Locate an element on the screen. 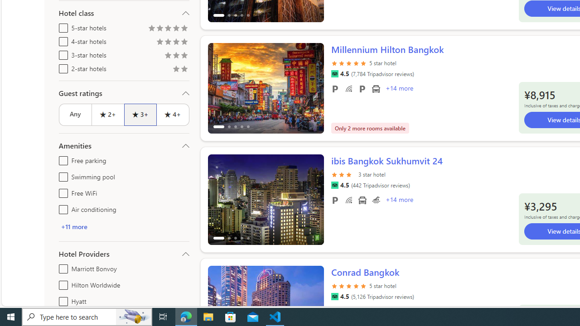  'Guest ratings' is located at coordinates (123, 93).